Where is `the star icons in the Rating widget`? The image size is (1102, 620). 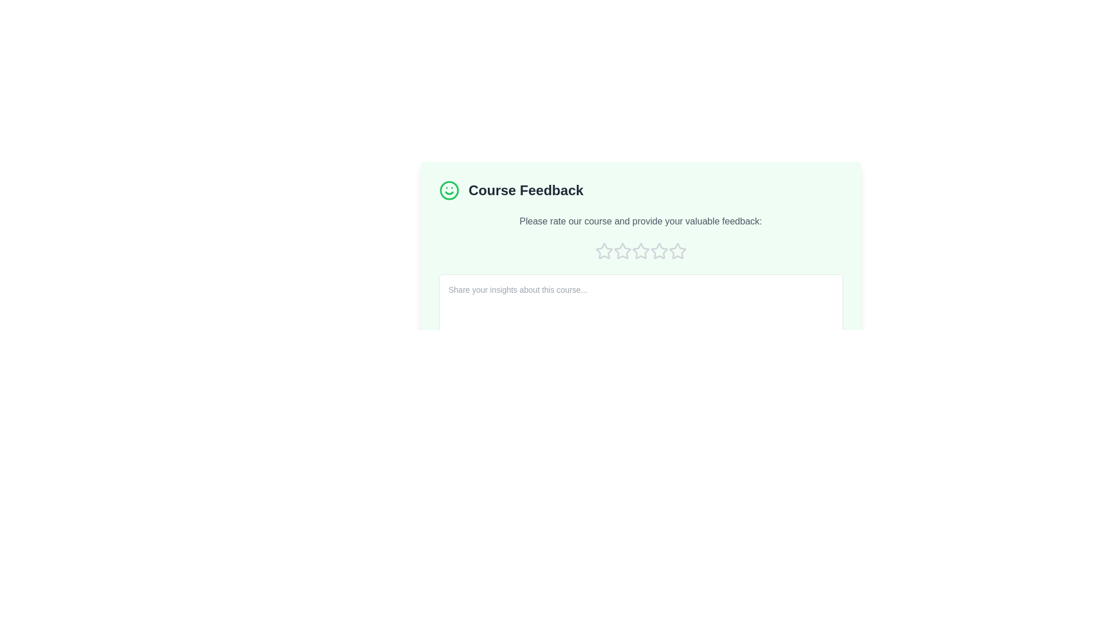 the star icons in the Rating widget is located at coordinates (640, 251).